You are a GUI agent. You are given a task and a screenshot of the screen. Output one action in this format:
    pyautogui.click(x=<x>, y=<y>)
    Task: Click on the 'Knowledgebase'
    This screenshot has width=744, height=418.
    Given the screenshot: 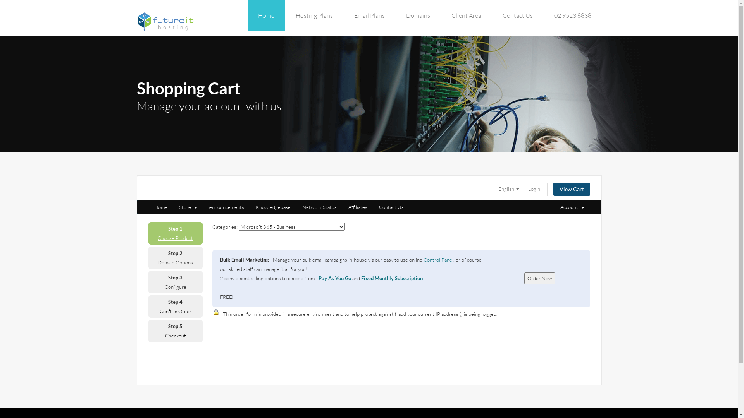 What is the action you would take?
    pyautogui.click(x=249, y=207)
    